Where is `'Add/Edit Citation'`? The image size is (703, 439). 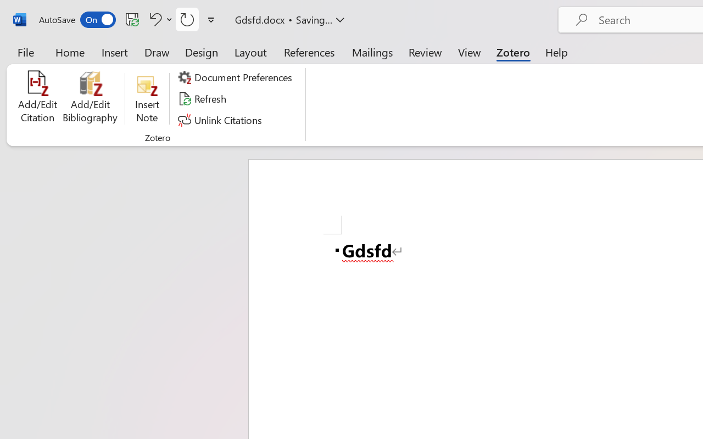
'Add/Edit Citation' is located at coordinates (37, 98).